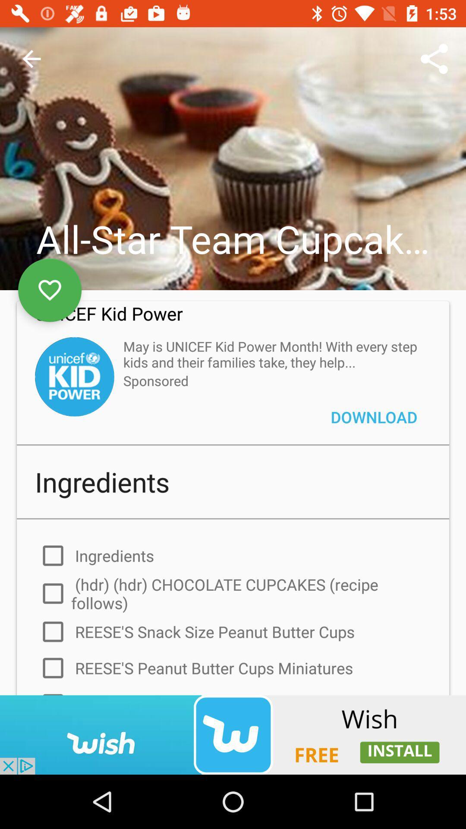  What do you see at coordinates (74, 377) in the screenshot?
I see `click the kid power` at bounding box center [74, 377].